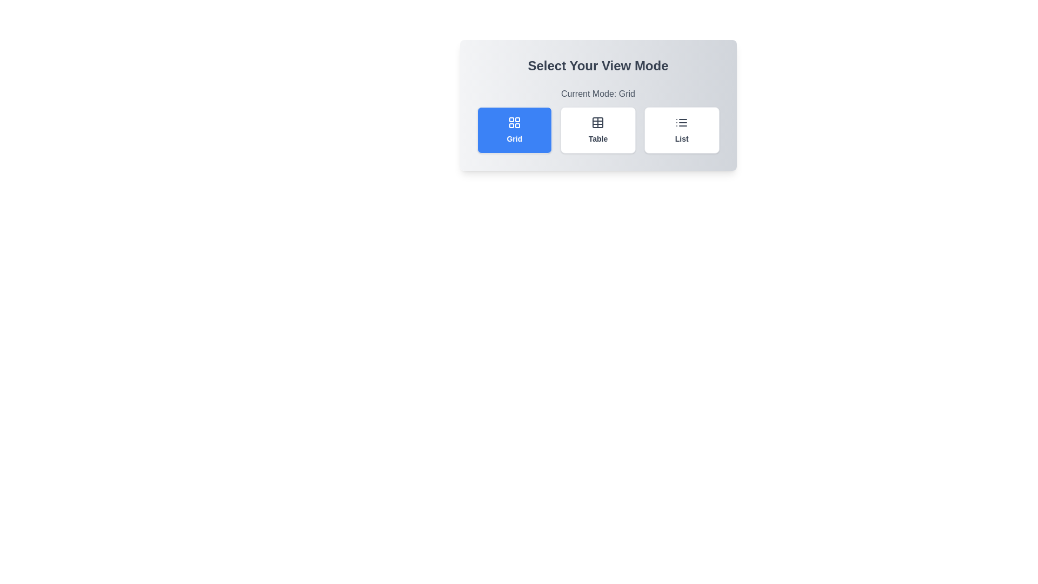 This screenshot has width=1038, height=584. Describe the element at coordinates (514, 138) in the screenshot. I see `the label that indicates the Grid view mode button, which is located inside a blue rectangular button on the leftmost side of a horizontal group of three buttons, positioned below the grid layout icon` at that location.